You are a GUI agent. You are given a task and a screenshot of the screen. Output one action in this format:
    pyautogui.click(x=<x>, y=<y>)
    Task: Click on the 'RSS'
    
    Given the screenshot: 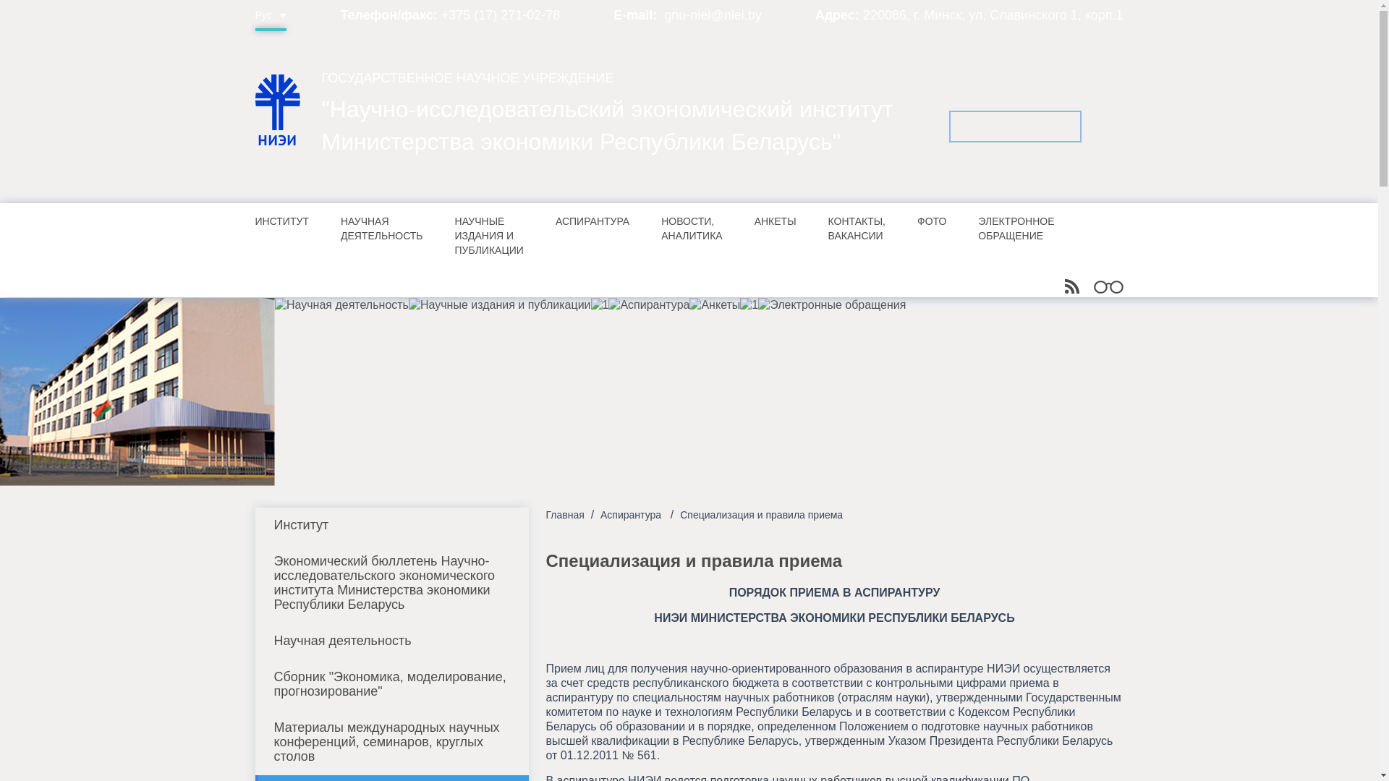 What is the action you would take?
    pyautogui.click(x=1054, y=289)
    